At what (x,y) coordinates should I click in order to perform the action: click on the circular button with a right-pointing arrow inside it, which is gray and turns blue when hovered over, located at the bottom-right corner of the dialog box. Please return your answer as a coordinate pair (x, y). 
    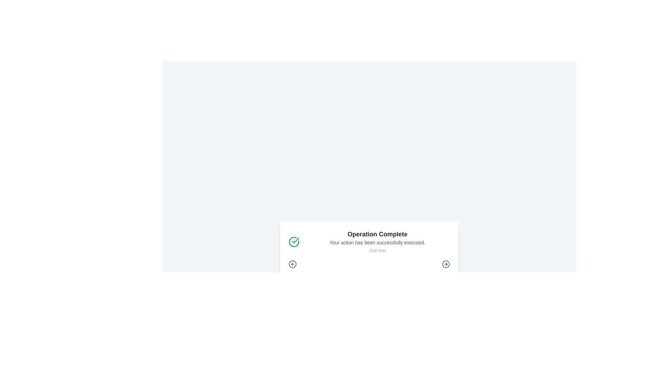
    Looking at the image, I should click on (445, 264).